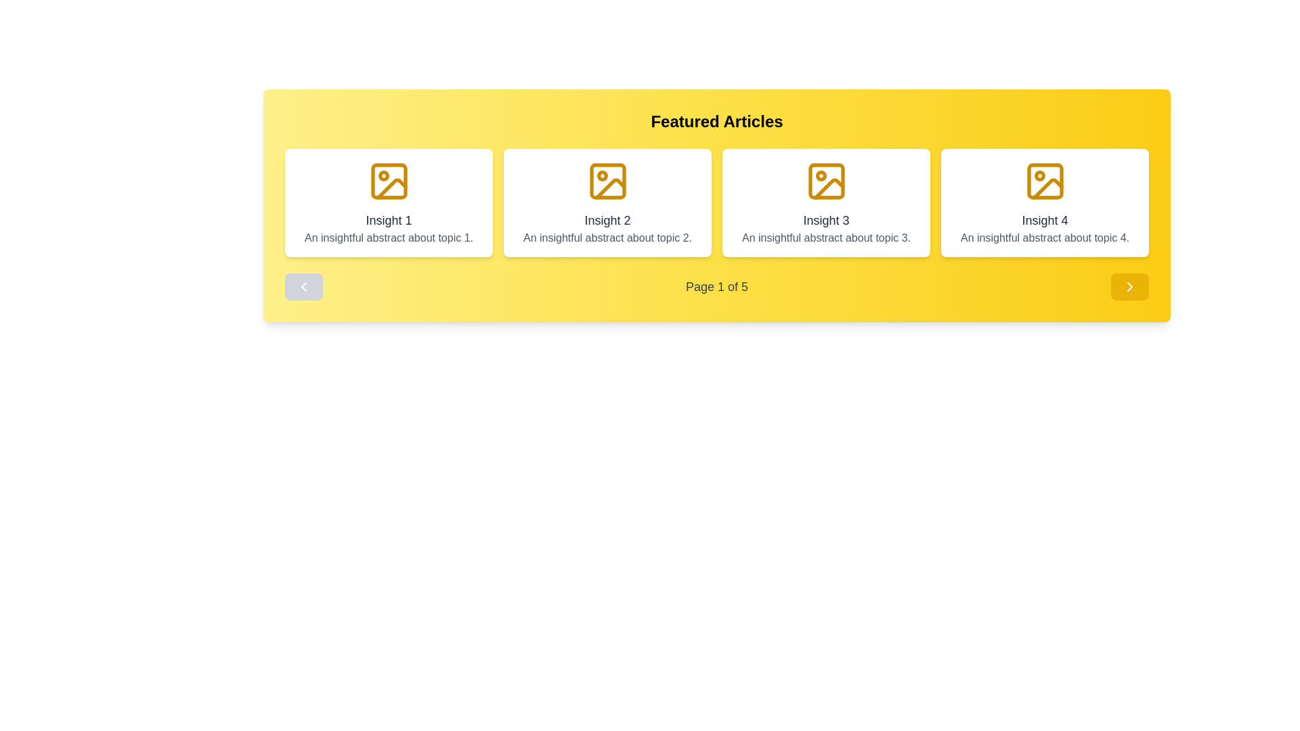 The width and height of the screenshot is (1300, 731). I want to click on the text snippet 'An insightful abstract about topic 2.' which is styled with gray font color and located in the white background card labeled 'Insight 2', so click(607, 237).